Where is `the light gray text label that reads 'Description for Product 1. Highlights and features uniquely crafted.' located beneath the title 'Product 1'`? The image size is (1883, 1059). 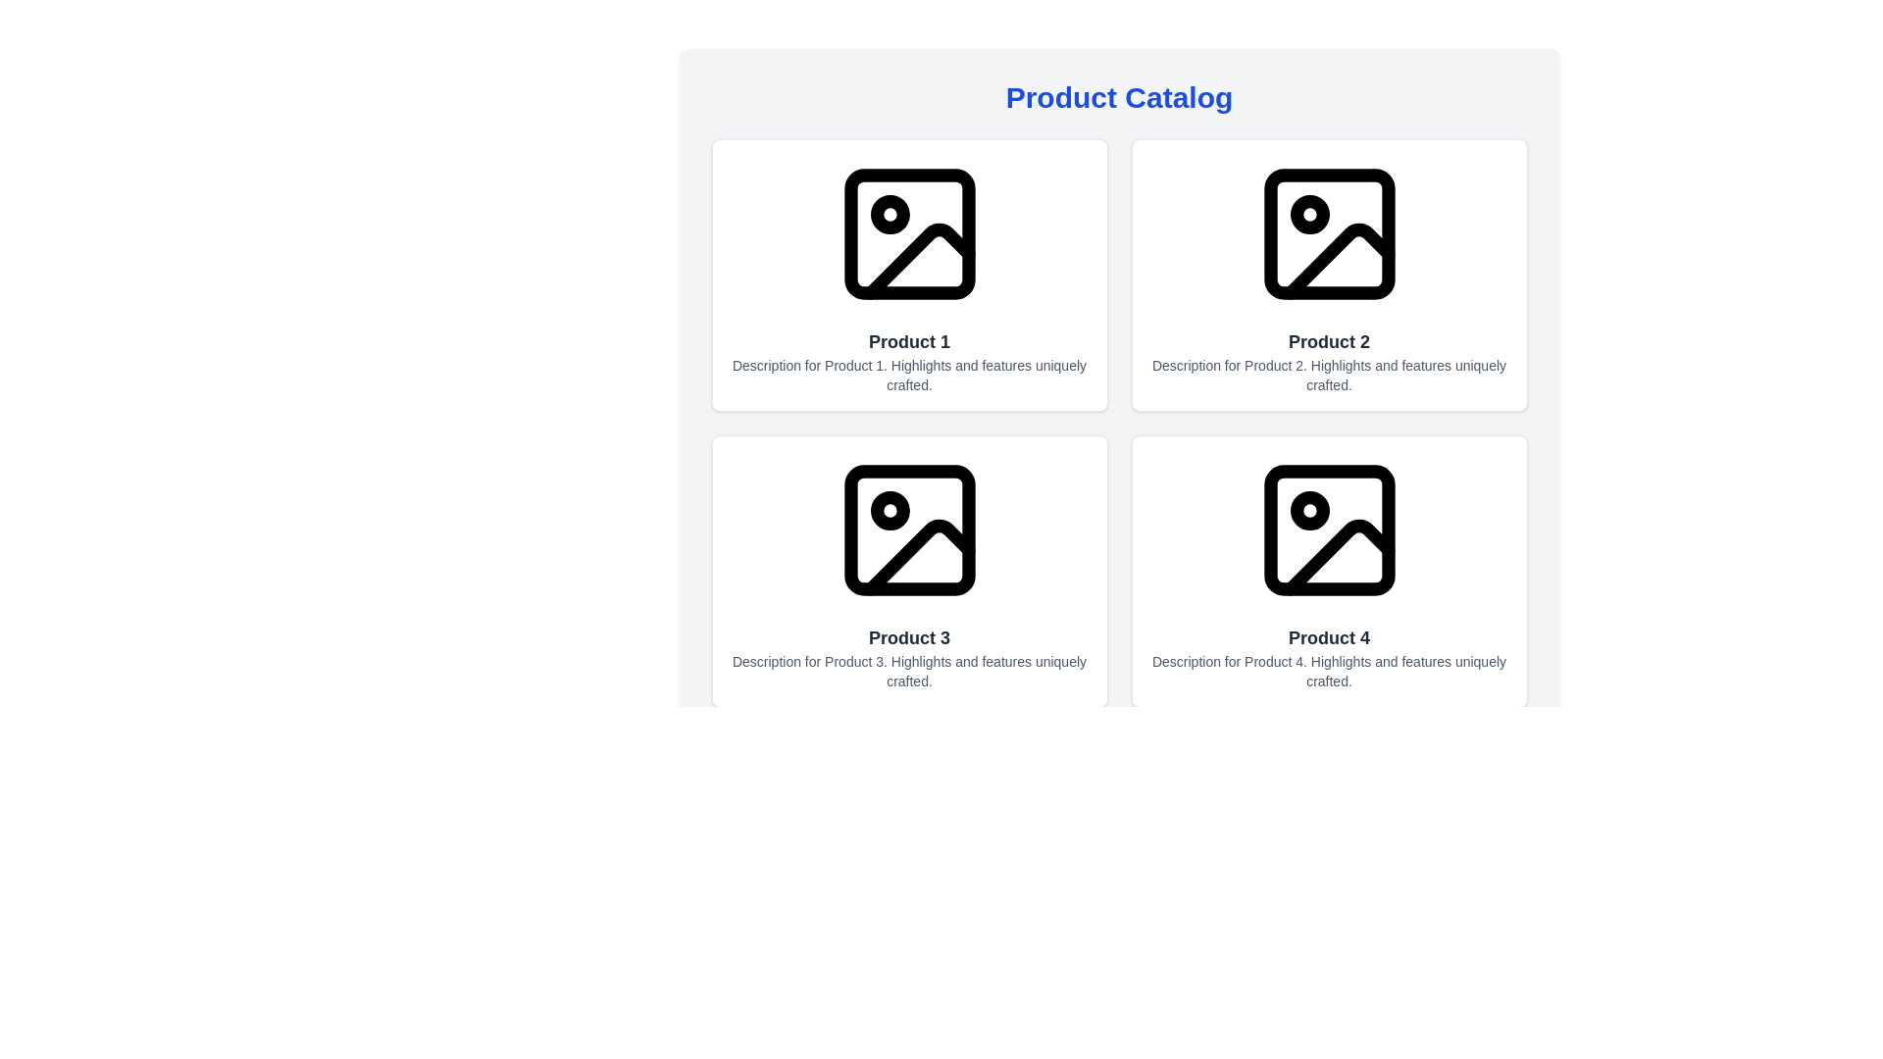
the light gray text label that reads 'Description for Product 1. Highlights and features uniquely crafted.' located beneath the title 'Product 1' is located at coordinates (908, 375).